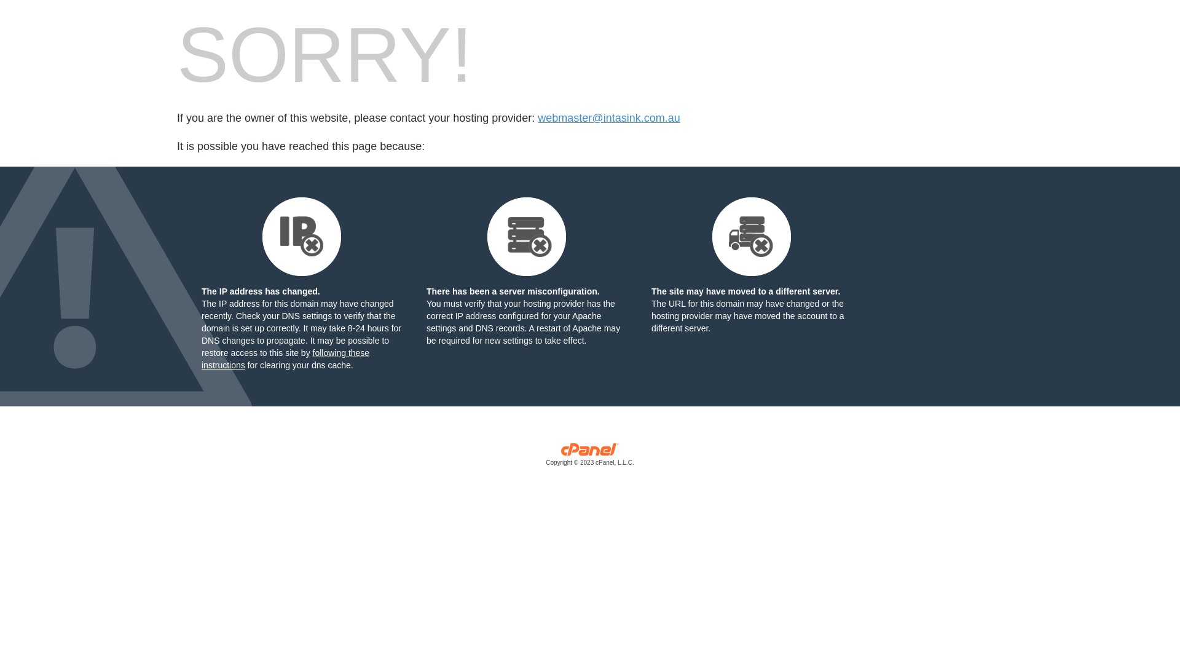  What do you see at coordinates (285, 358) in the screenshot?
I see `'following these instructions'` at bounding box center [285, 358].